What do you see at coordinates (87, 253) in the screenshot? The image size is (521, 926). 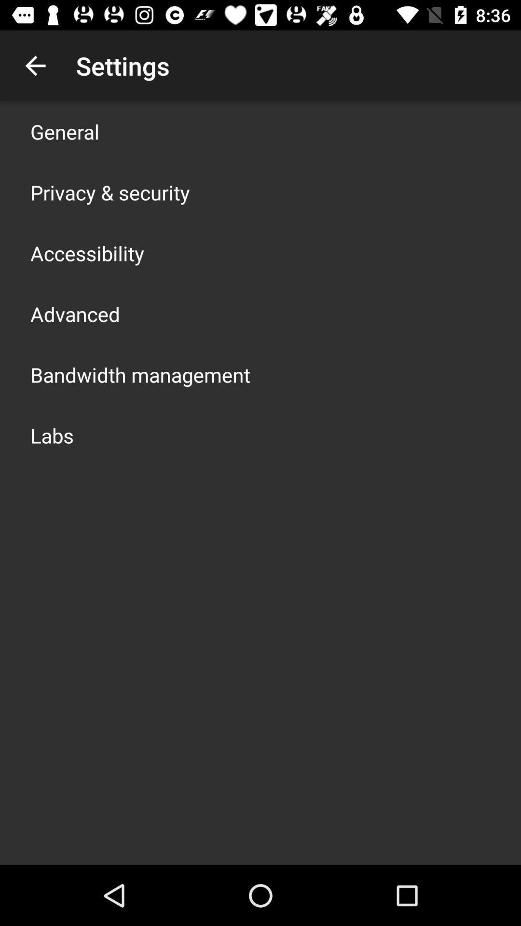 I see `the item above the advanced item` at bounding box center [87, 253].